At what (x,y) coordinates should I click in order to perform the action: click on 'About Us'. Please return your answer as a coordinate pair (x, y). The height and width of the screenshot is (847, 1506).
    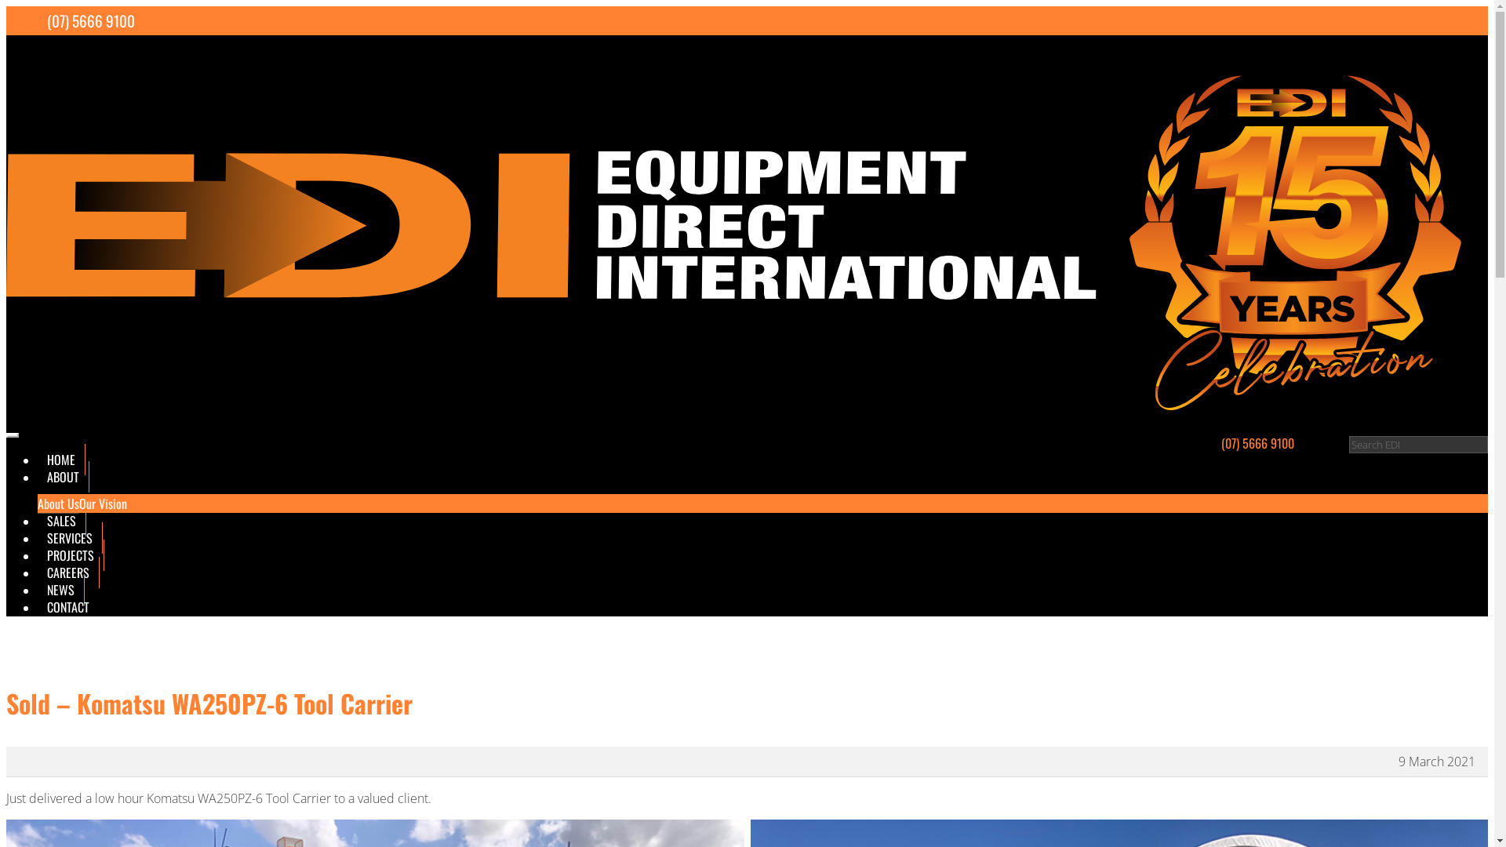
    Looking at the image, I should click on (38, 503).